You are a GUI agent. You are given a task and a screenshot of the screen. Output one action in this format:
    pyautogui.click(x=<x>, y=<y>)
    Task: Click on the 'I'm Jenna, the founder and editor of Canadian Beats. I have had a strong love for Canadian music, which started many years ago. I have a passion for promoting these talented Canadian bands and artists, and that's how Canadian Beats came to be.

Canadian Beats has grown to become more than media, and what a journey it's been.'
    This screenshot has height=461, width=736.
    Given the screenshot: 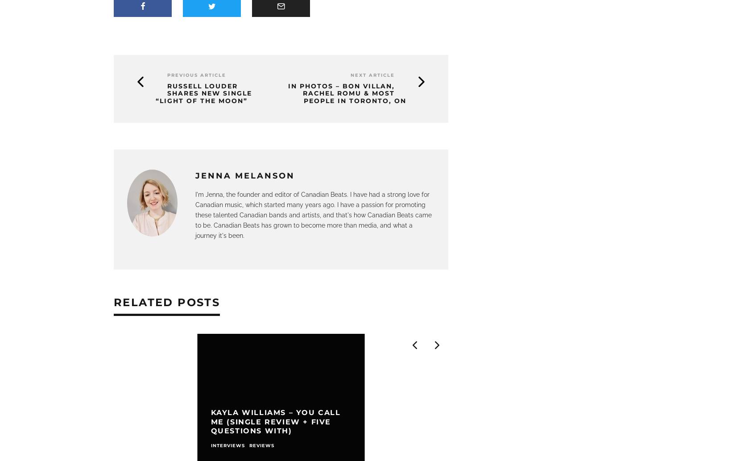 What is the action you would take?
    pyautogui.click(x=313, y=214)
    